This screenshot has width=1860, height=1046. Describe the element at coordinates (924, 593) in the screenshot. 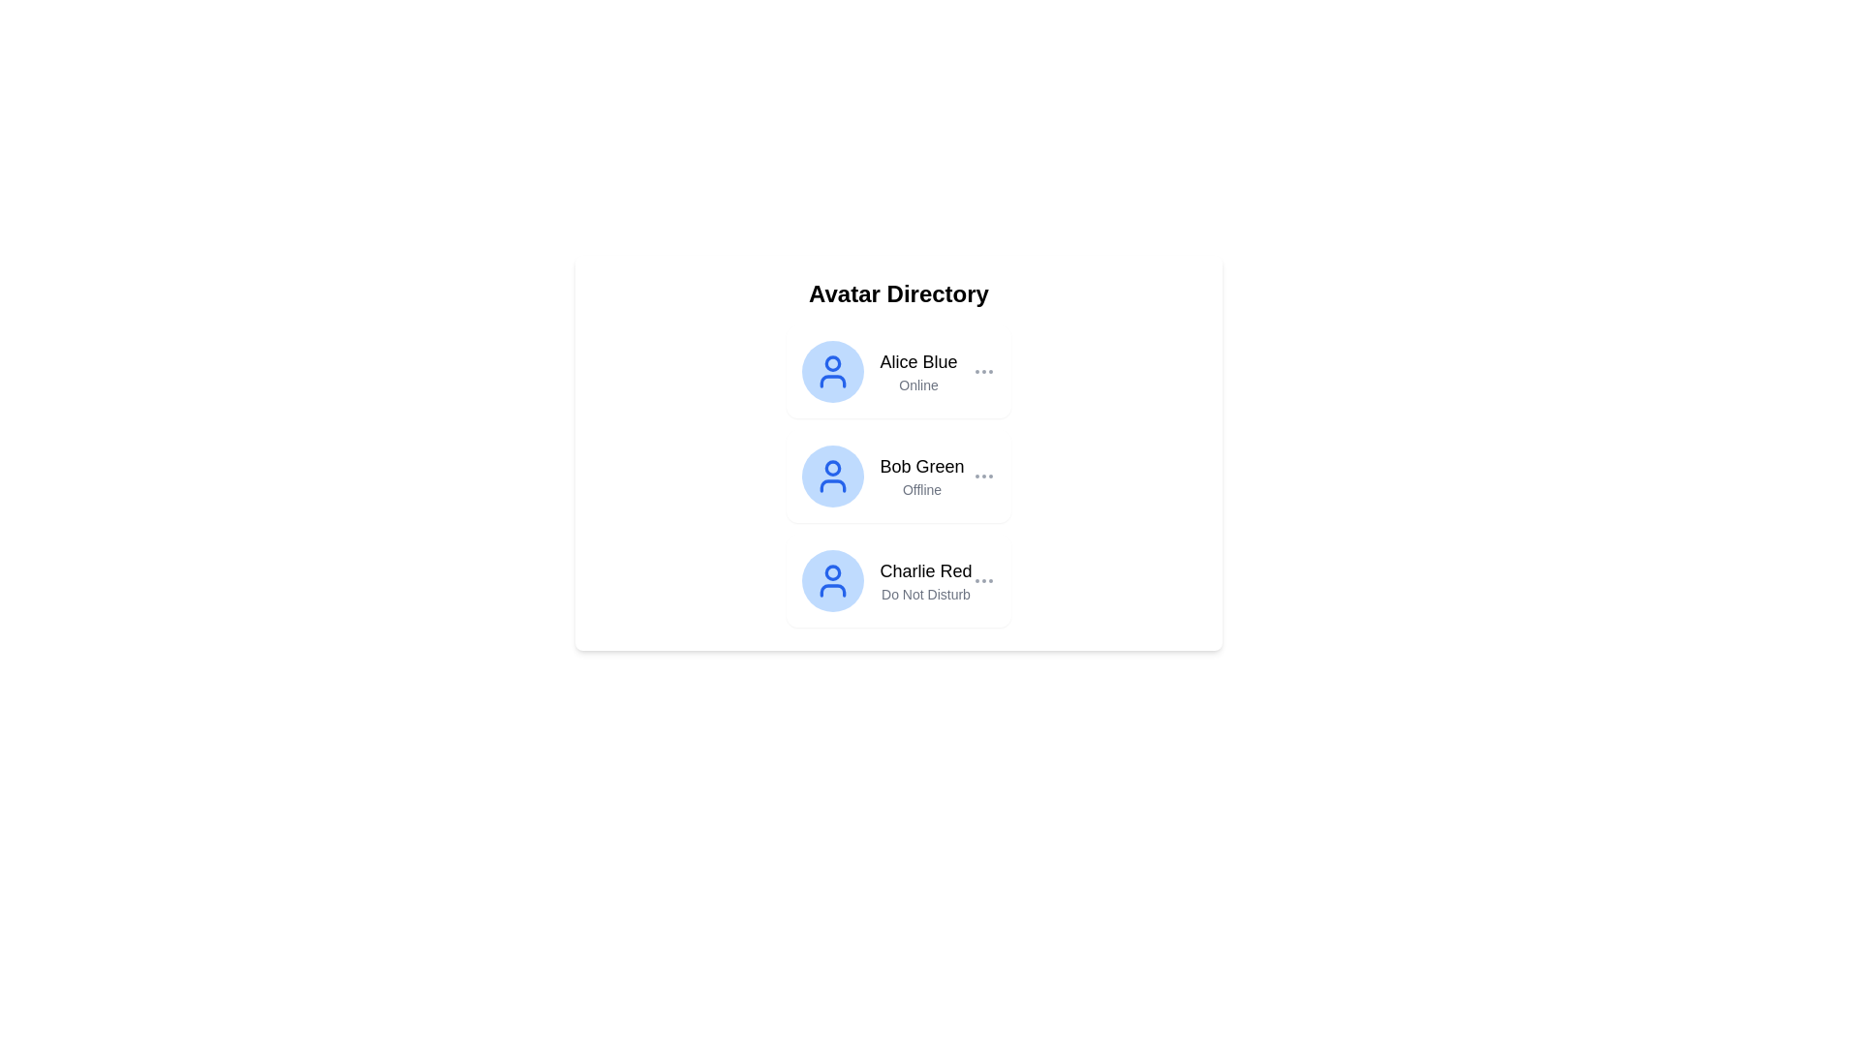

I see `the status text label indicating that user 'Charlie Red' is unavailable, located beneath their name in the avatar directory panel` at that location.